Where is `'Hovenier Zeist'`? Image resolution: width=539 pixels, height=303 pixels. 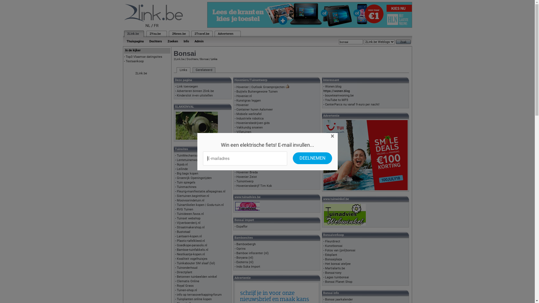 'Hovenier Zeist' is located at coordinates (246, 177).